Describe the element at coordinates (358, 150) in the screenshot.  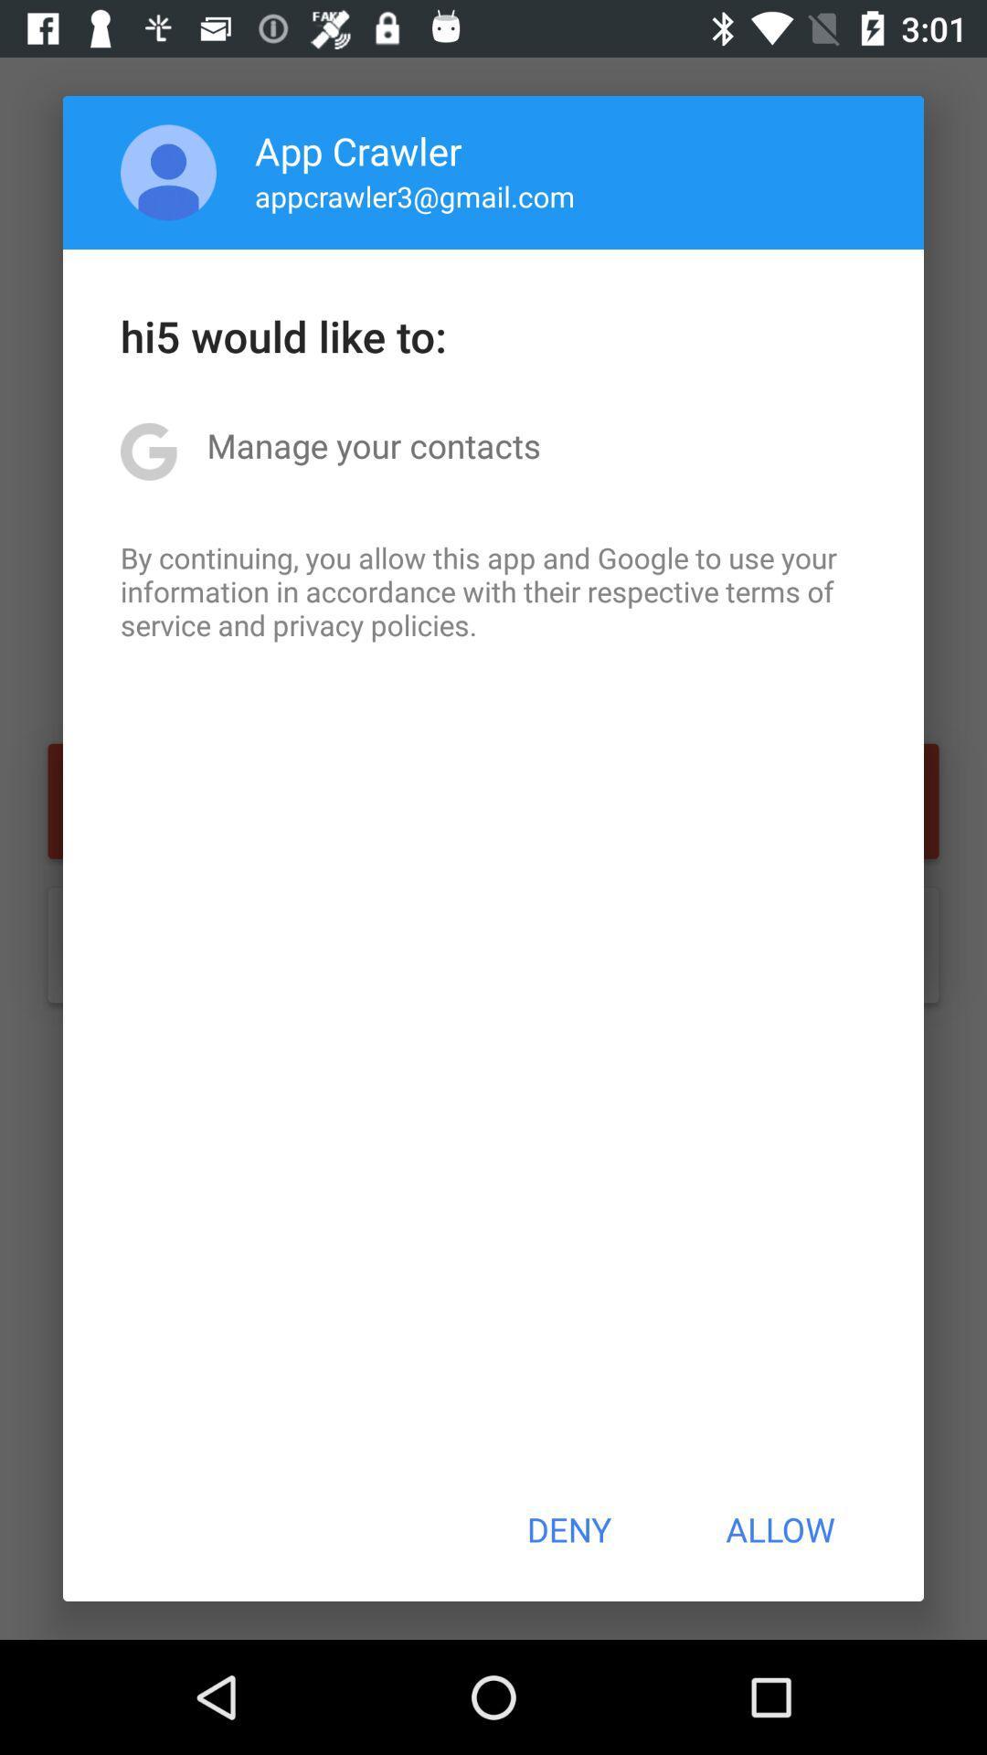
I see `app crawler` at that location.